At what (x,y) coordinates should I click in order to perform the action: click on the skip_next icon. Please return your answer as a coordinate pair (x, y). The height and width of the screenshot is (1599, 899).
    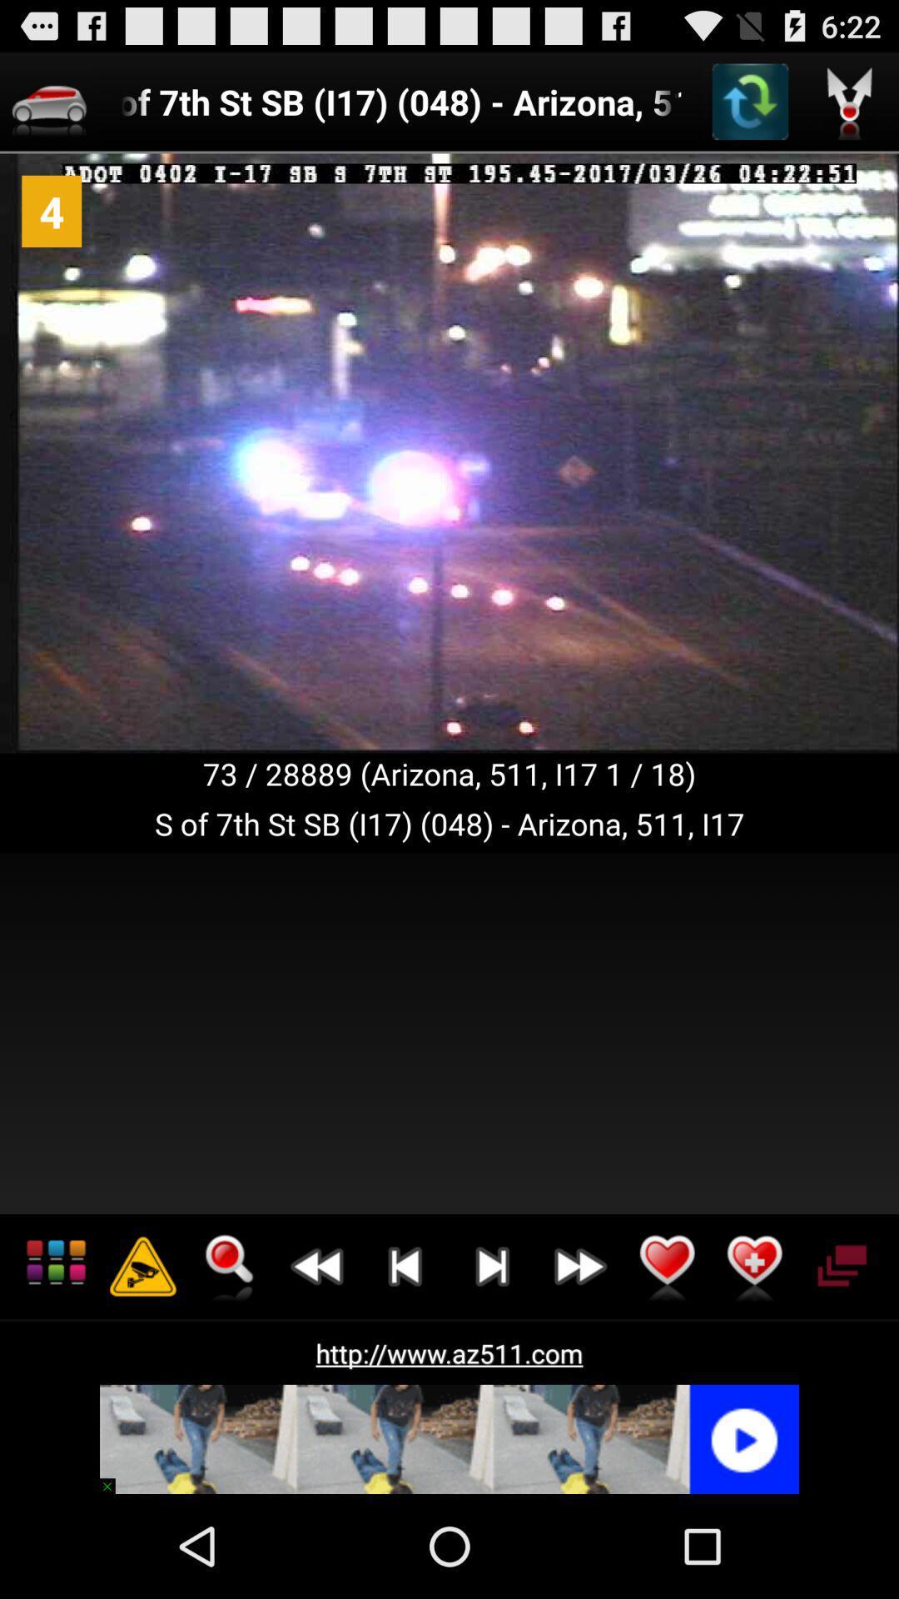
    Looking at the image, I should click on (491, 1355).